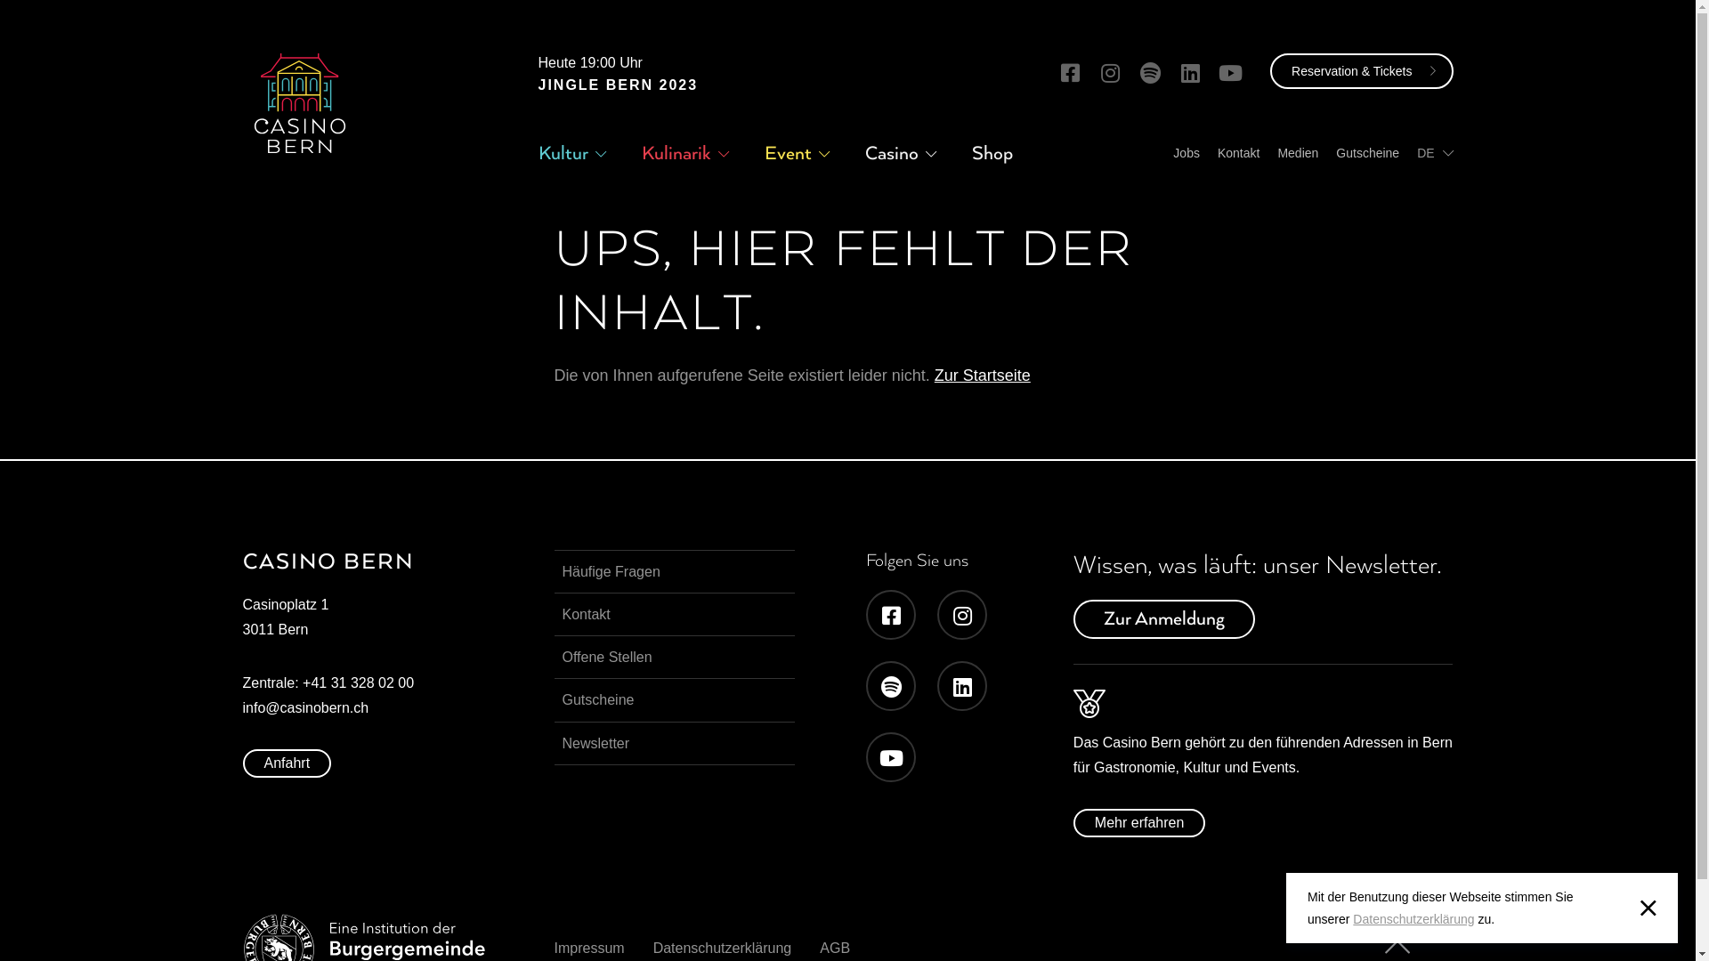 This screenshot has height=961, width=1709. Describe the element at coordinates (537, 85) in the screenshot. I see `'JINGLE BERN 2023'` at that location.